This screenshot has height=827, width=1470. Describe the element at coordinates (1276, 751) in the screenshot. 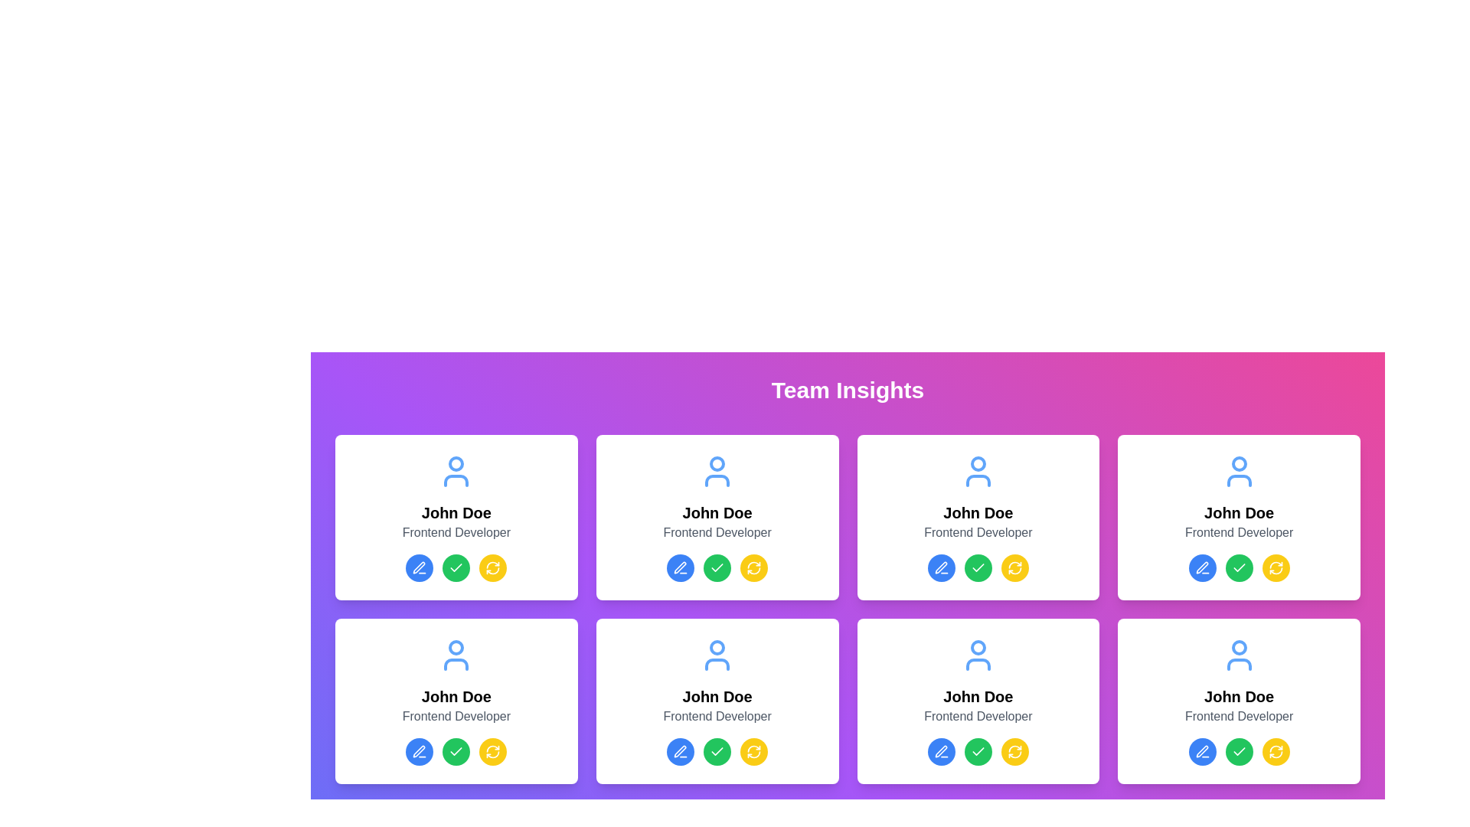

I see `the circular yellow button with a refresh icon` at that location.